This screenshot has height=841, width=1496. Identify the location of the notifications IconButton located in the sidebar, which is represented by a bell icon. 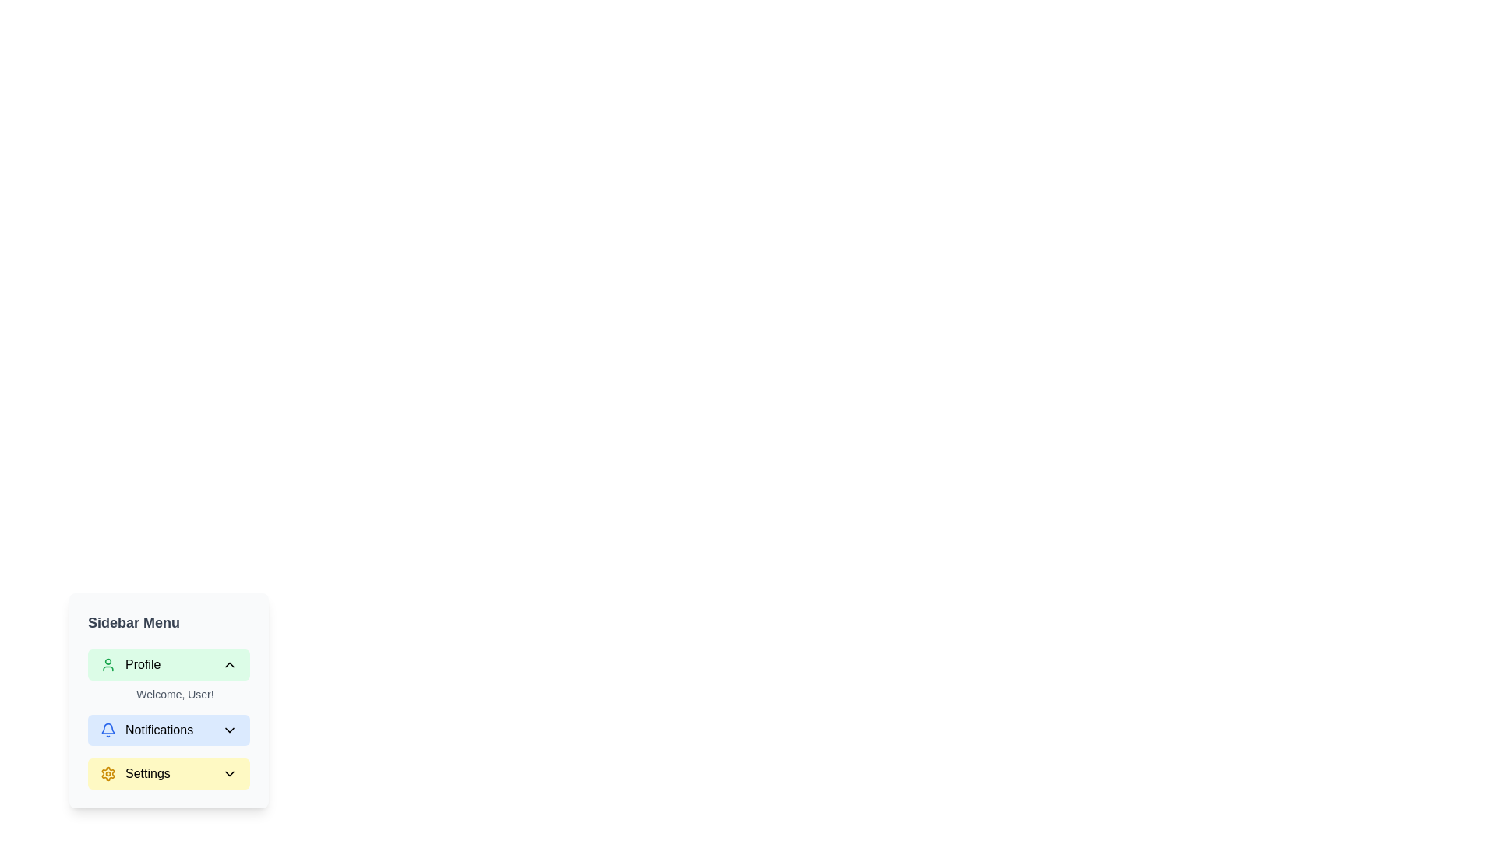
(108, 730).